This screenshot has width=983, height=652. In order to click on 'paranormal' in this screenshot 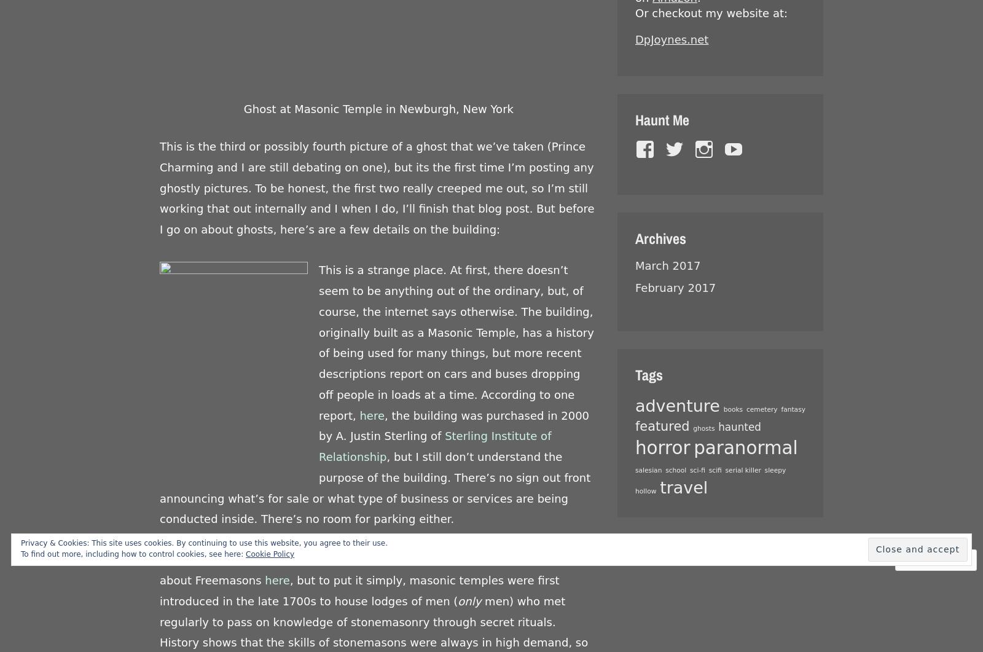, I will do `click(745, 448)`.